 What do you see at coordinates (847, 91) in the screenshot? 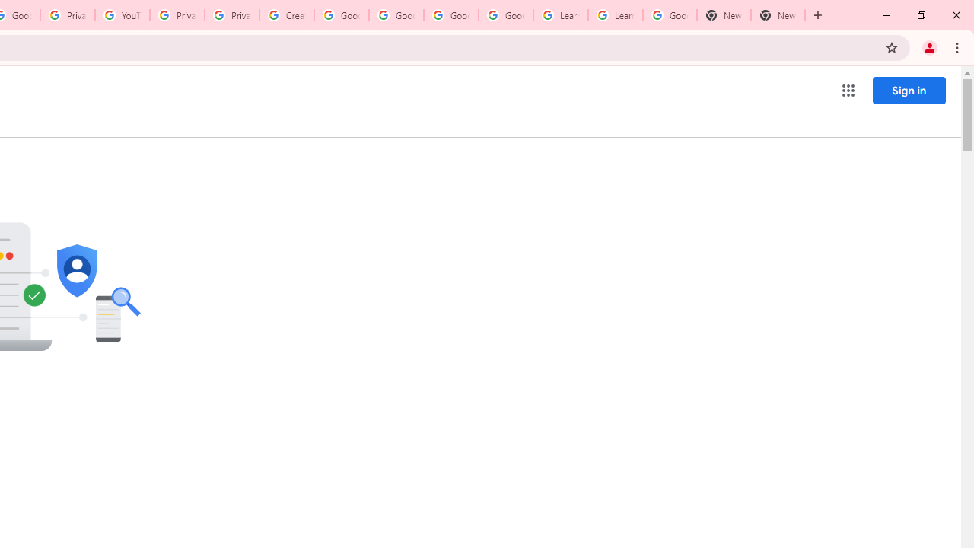
I see `'Google apps'` at bounding box center [847, 91].